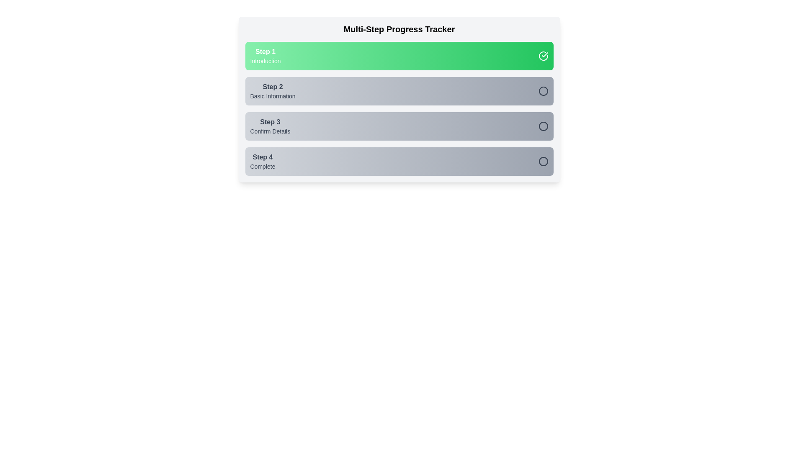 Image resolution: width=804 pixels, height=452 pixels. What do you see at coordinates (273, 91) in the screenshot?
I see `the Text-based informational indicator that displays 'Step 2' and 'Basic Information' on a gray rectangular background, which is the second item in the multi-step progress tracker` at bounding box center [273, 91].